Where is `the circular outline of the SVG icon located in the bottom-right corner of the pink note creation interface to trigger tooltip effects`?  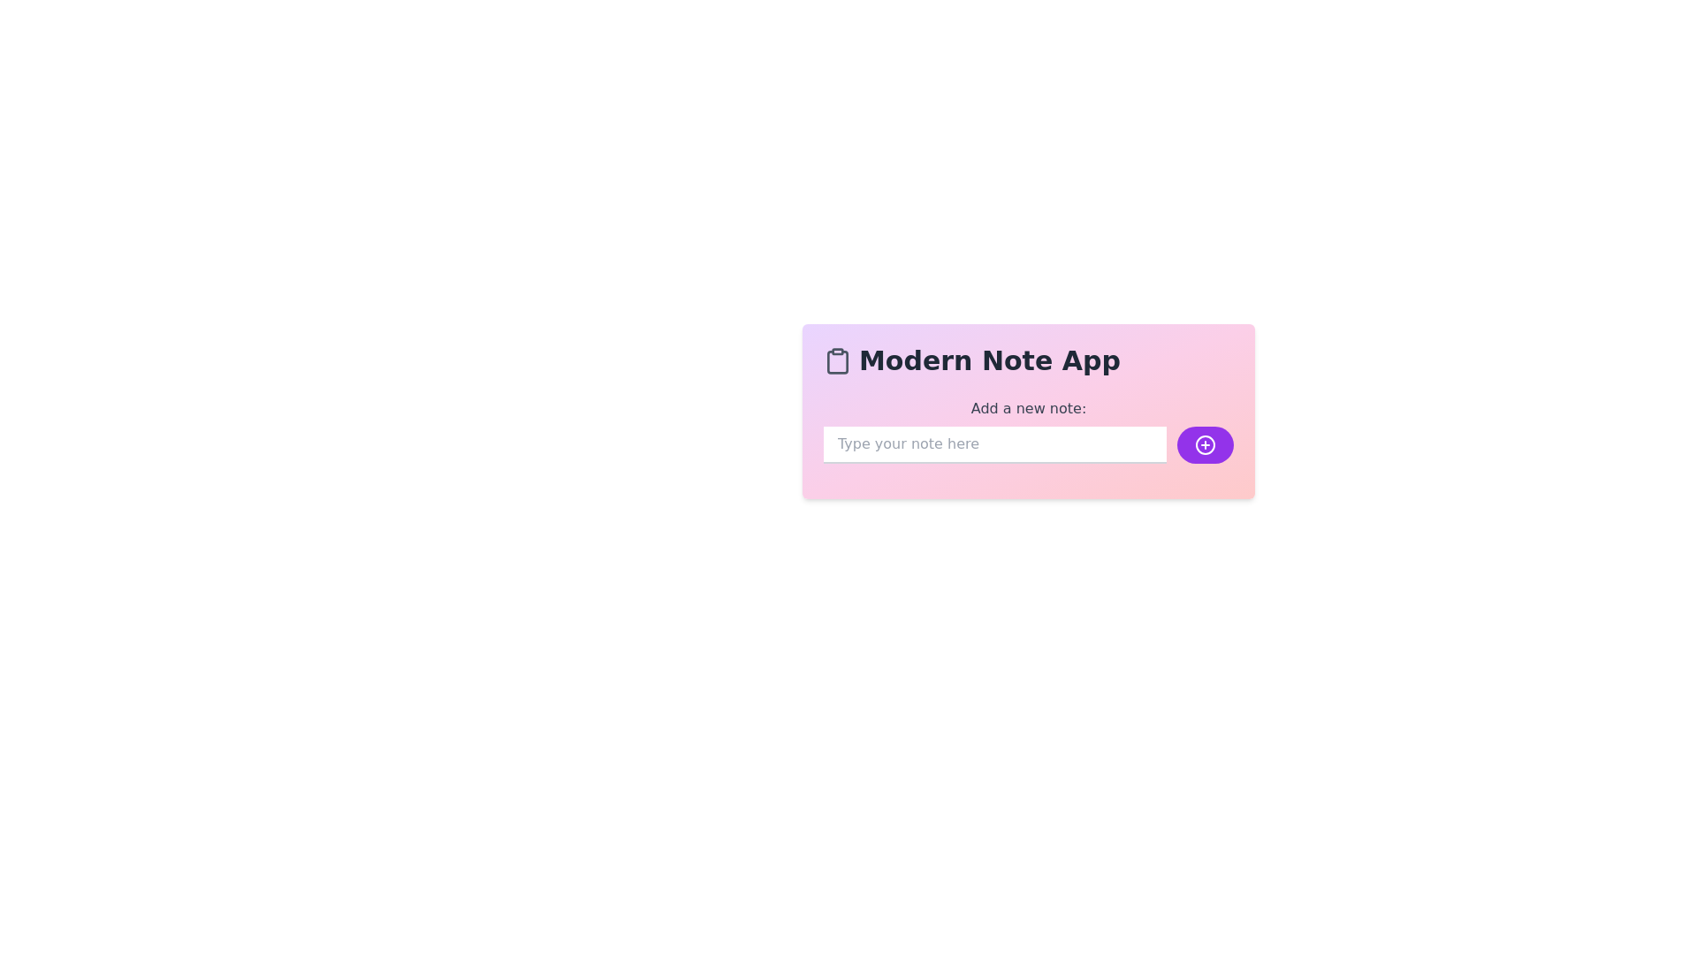 the circular outline of the SVG icon located in the bottom-right corner of the pink note creation interface to trigger tooltip effects is located at coordinates (1204, 444).